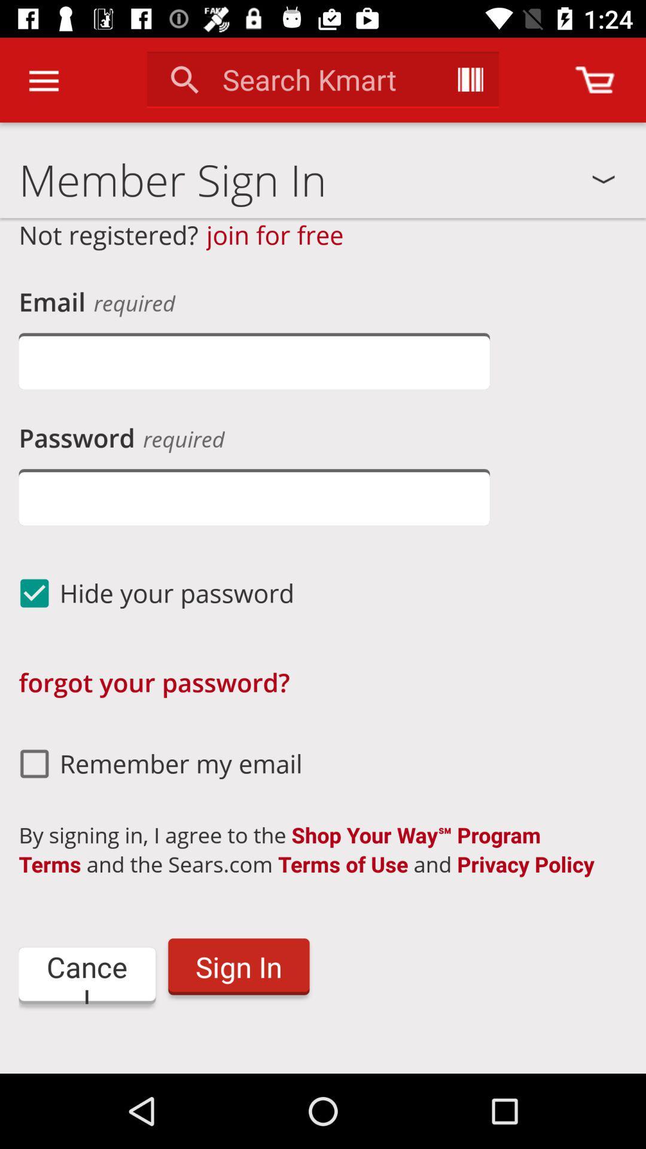  I want to click on barcode scanner, so click(470, 79).